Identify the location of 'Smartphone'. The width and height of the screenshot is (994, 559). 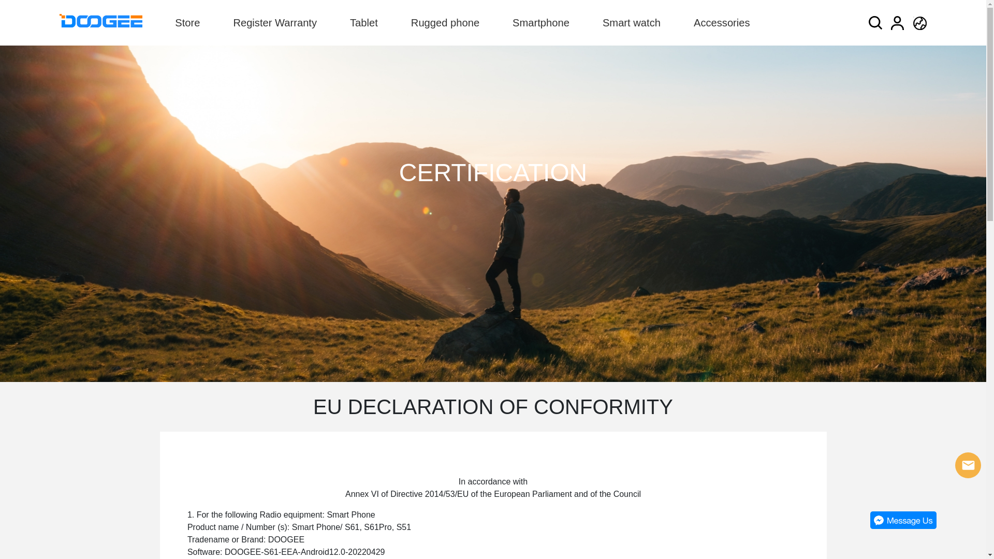
(512, 22).